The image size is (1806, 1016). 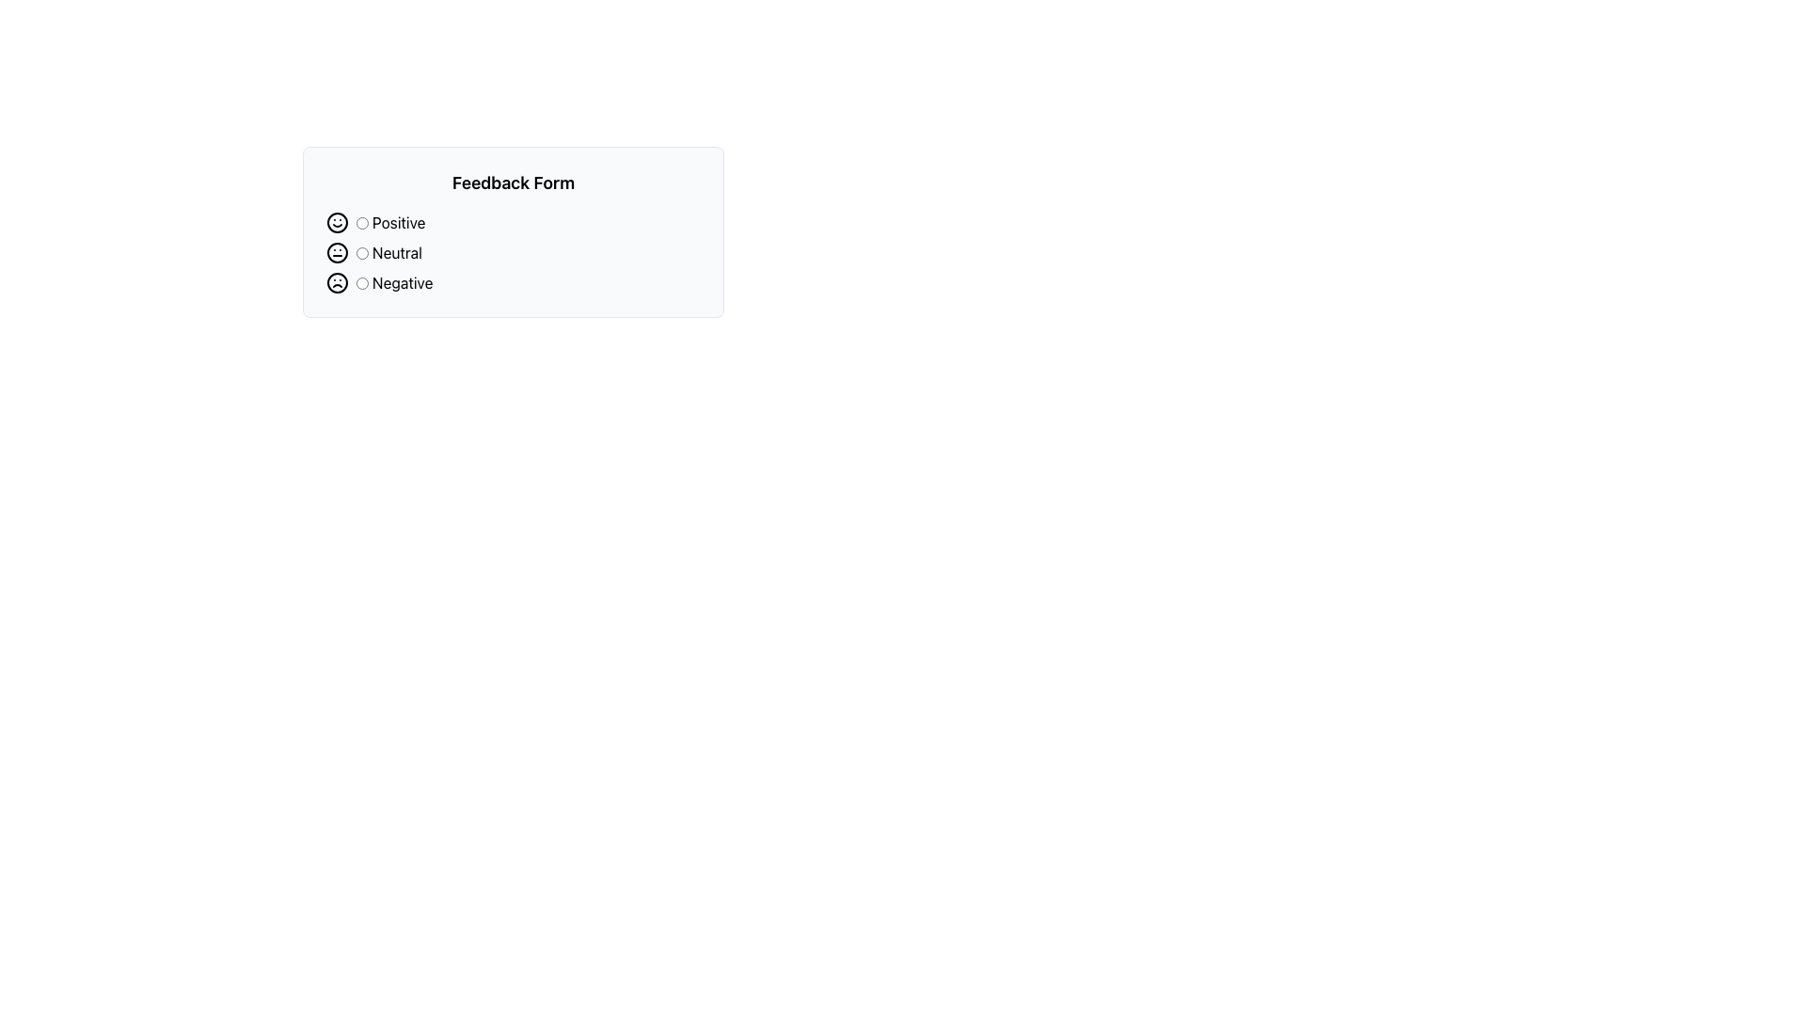 What do you see at coordinates (362, 221) in the screenshot?
I see `the unselected radio button next to the text 'Positive'` at bounding box center [362, 221].